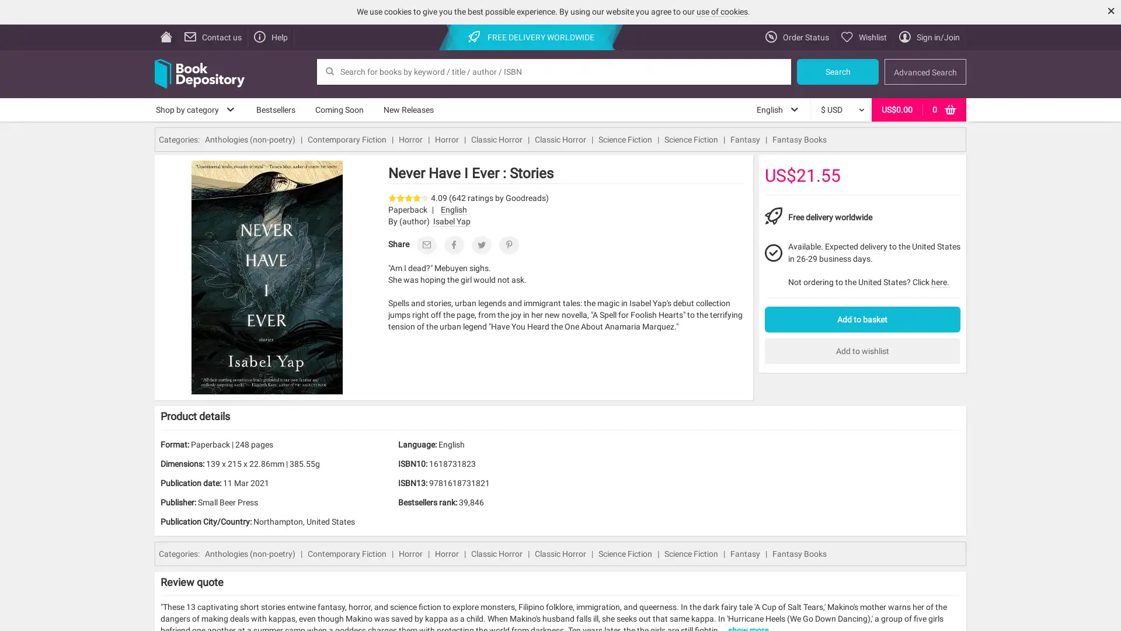 Image resolution: width=1121 pixels, height=631 pixels. I want to click on Search, so click(837, 71).